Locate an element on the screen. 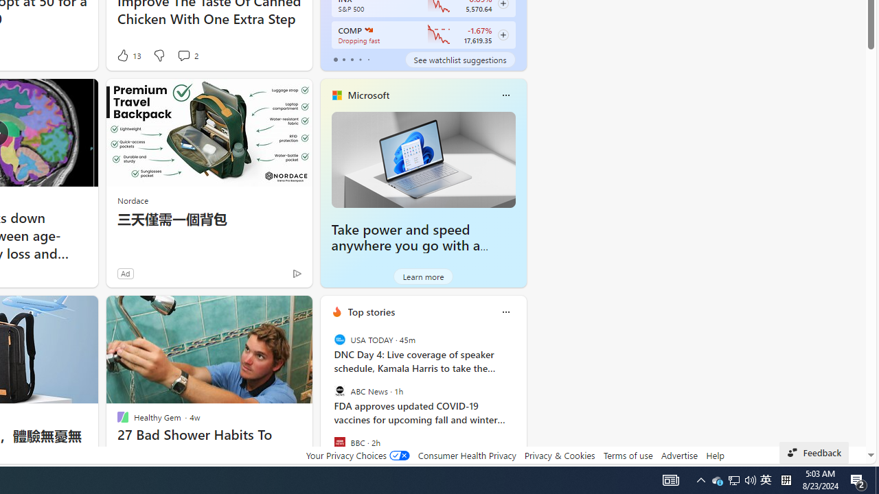 The width and height of the screenshot is (879, 494). 'tab-4' is located at coordinates (368, 59).